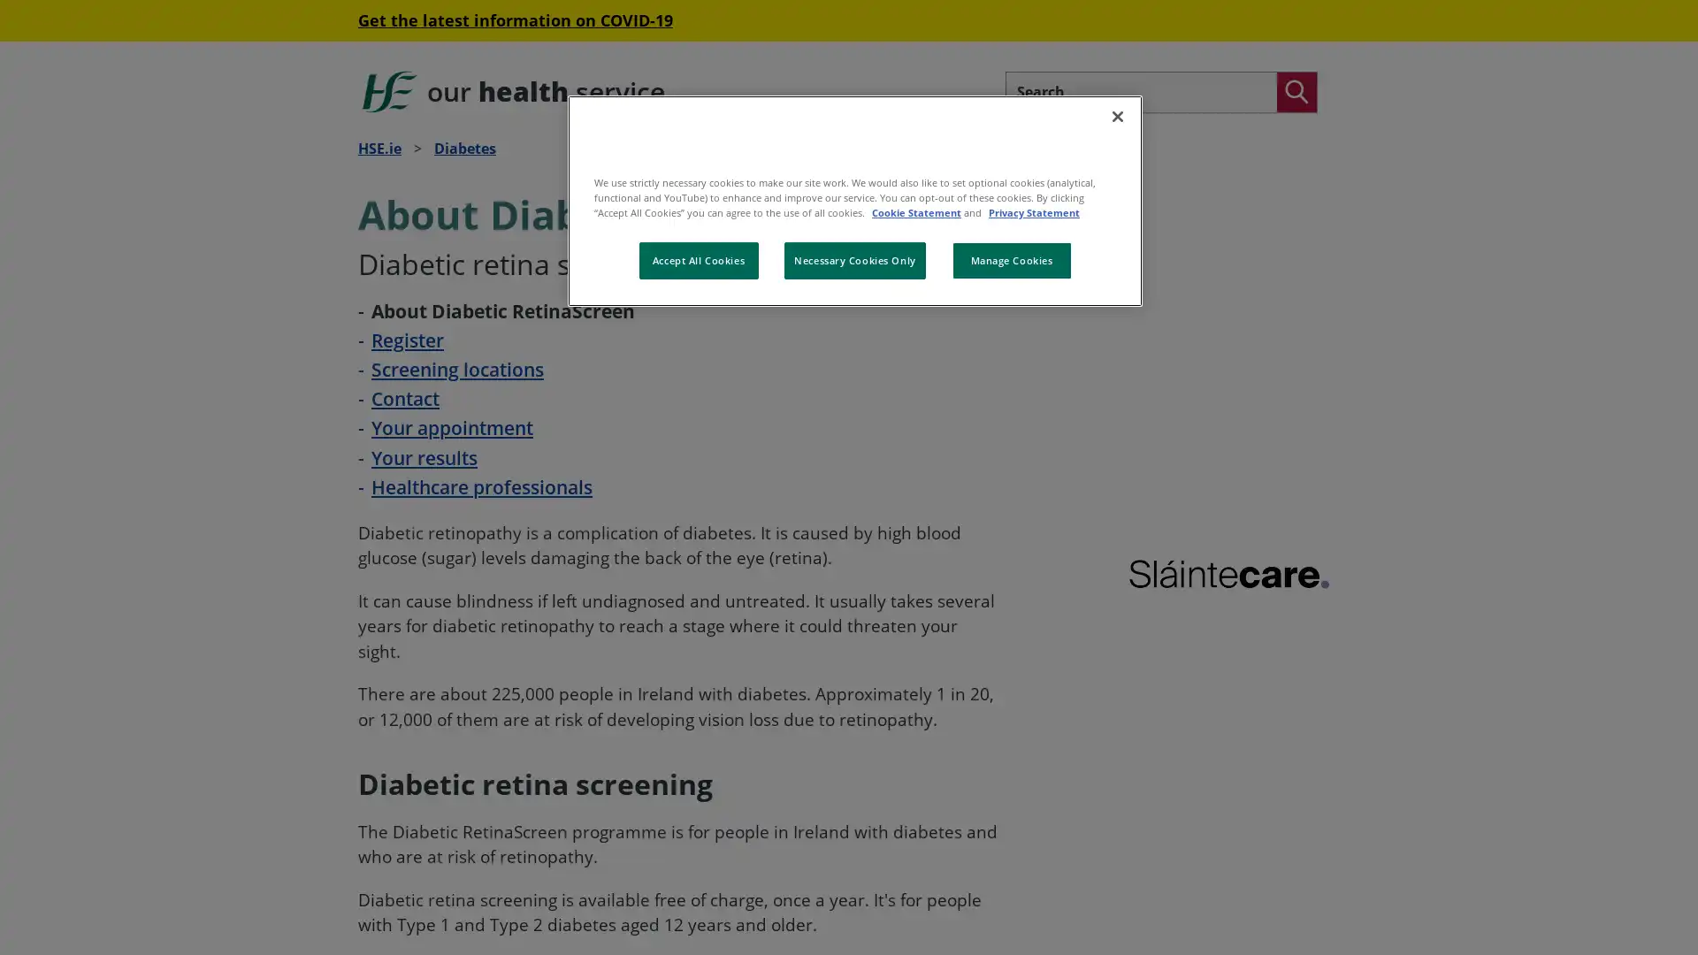 This screenshot has width=1698, height=955. Describe the element at coordinates (854, 260) in the screenshot. I see `Necessary Cookies Only` at that location.